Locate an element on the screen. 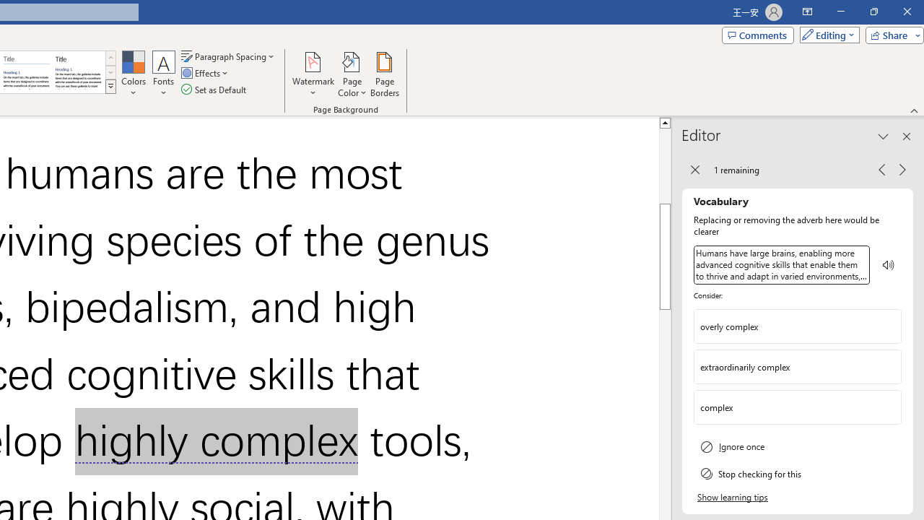  'Fonts' is located at coordinates (164, 74).